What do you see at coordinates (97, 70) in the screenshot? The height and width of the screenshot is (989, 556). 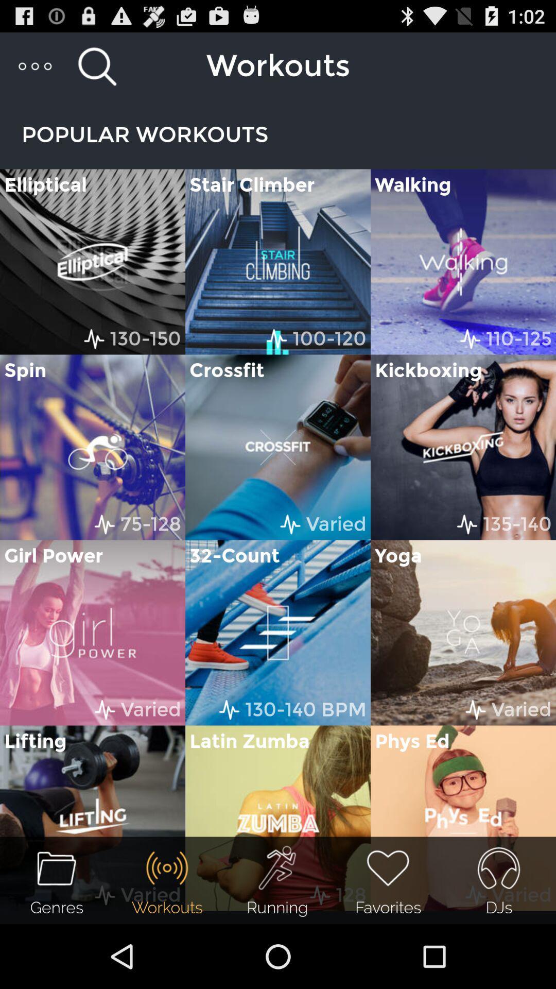 I see `the search icon` at bounding box center [97, 70].